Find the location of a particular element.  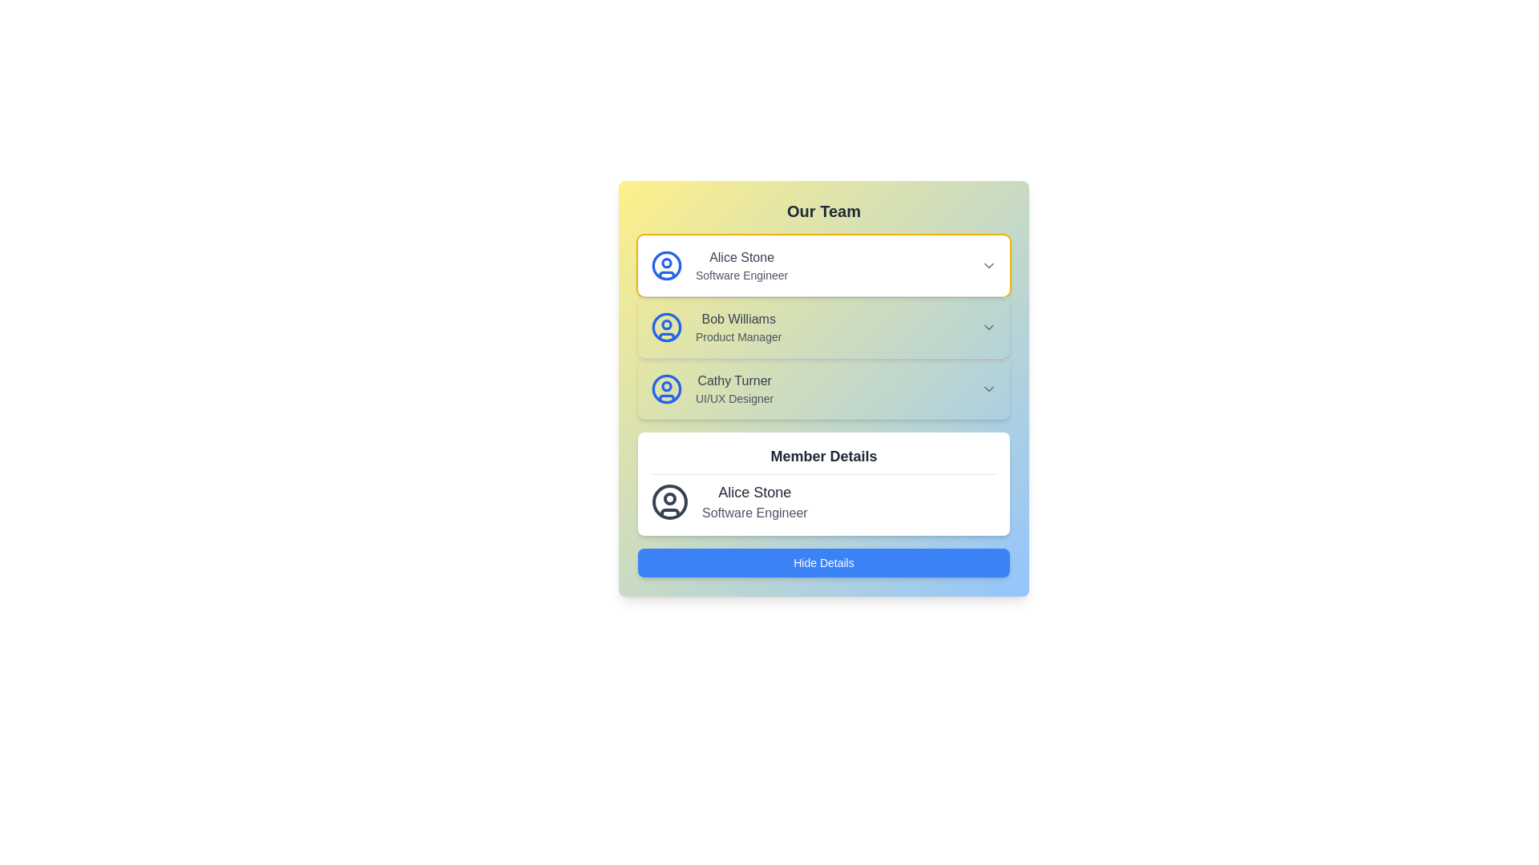

the graphical component within the SVG-based user icon next to 'Alice Stone' in the 'Our Team' section is located at coordinates (666, 261).